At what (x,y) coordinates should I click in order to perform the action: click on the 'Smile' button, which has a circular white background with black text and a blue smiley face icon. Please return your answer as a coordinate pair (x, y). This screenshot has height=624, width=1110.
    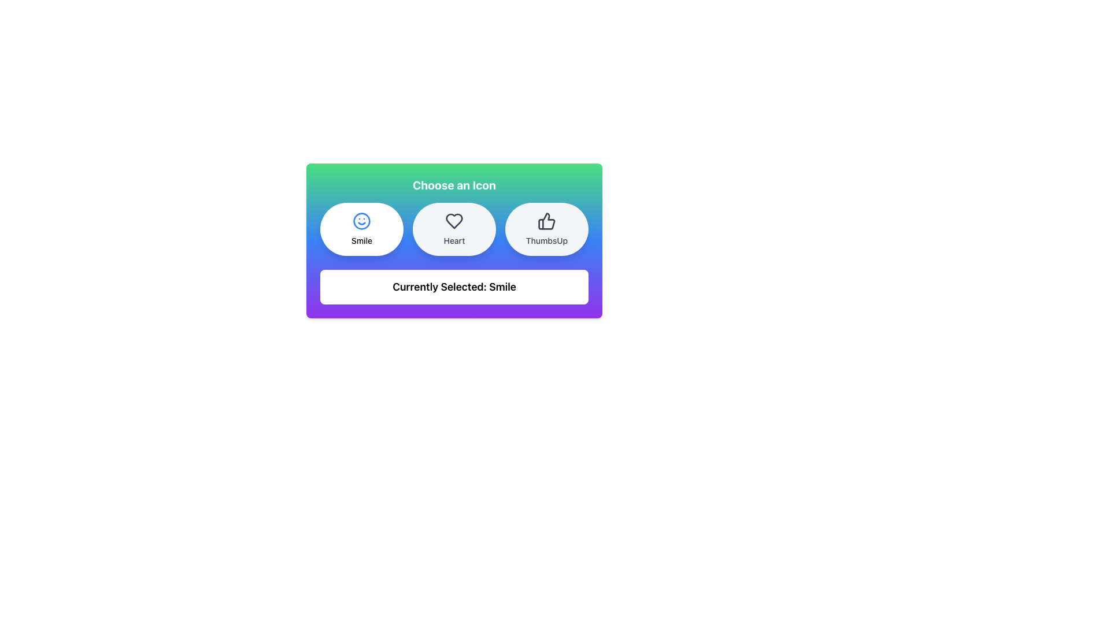
    Looking at the image, I should click on (361, 229).